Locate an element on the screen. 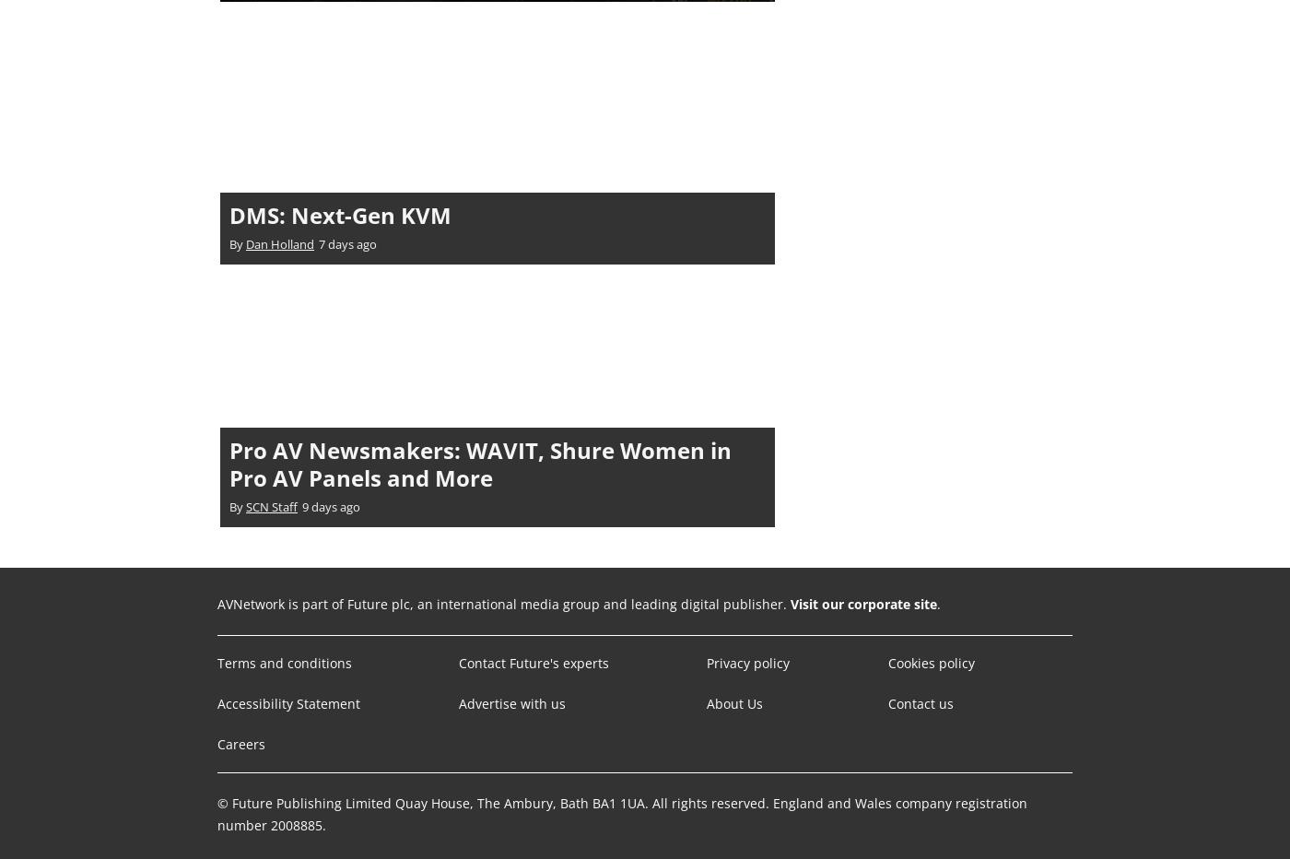 Image resolution: width=1290 pixels, height=859 pixels. 'SCN Staff' is located at coordinates (271, 506).